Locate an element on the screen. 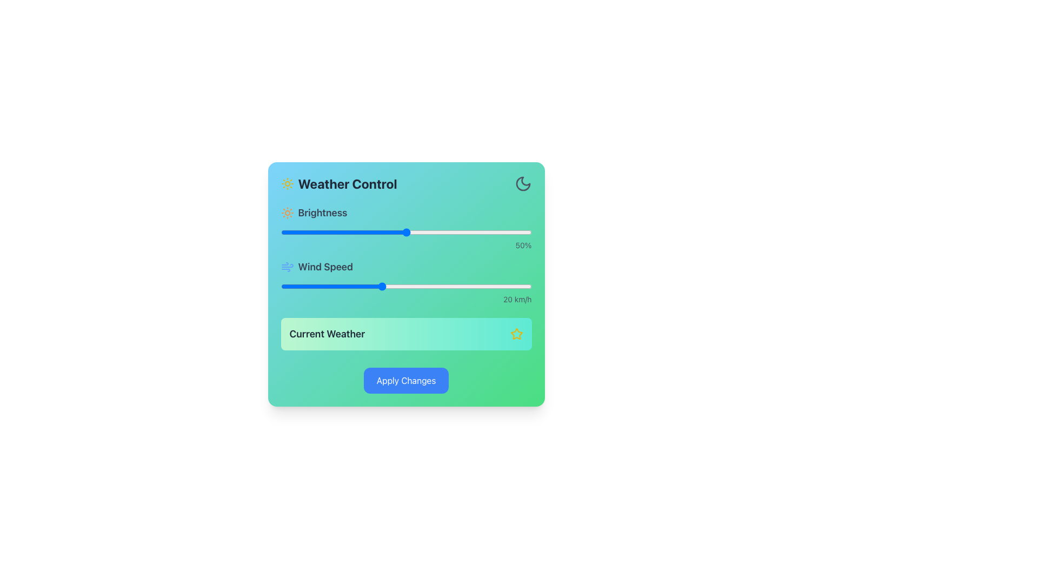 The image size is (1038, 584). the blue button labeled 'Apply Changes' located at the center of the bottom section of the green panel under 'Current Weather' is located at coordinates (405, 380).